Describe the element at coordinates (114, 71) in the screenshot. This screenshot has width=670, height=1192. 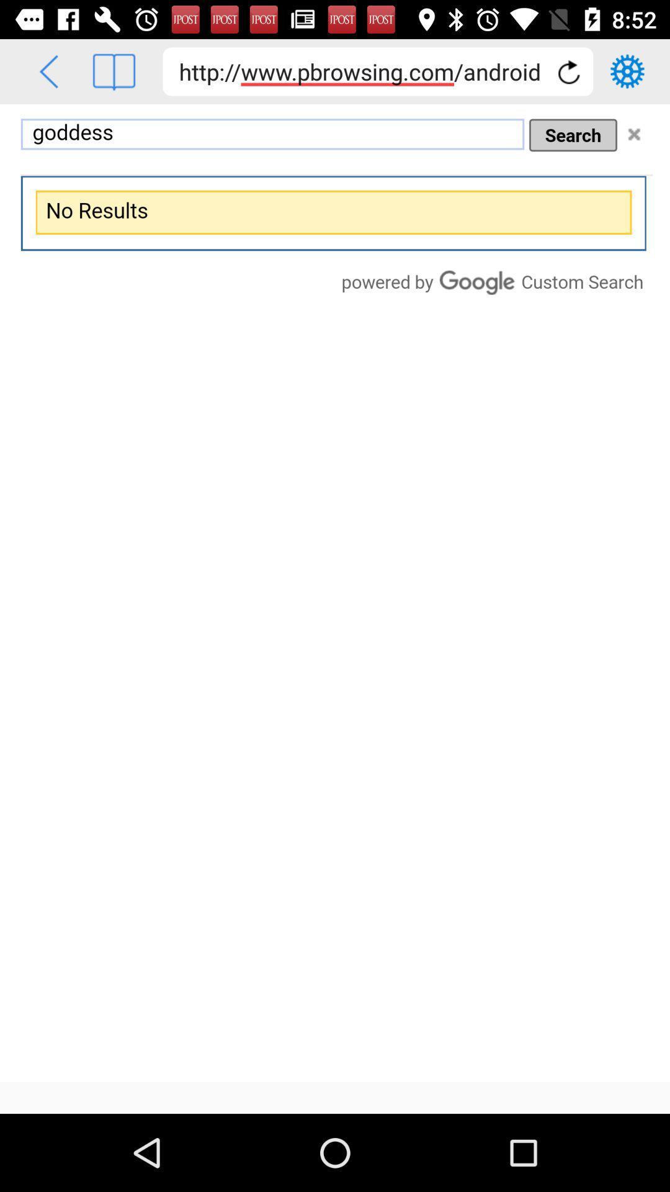
I see `open the specific page` at that location.